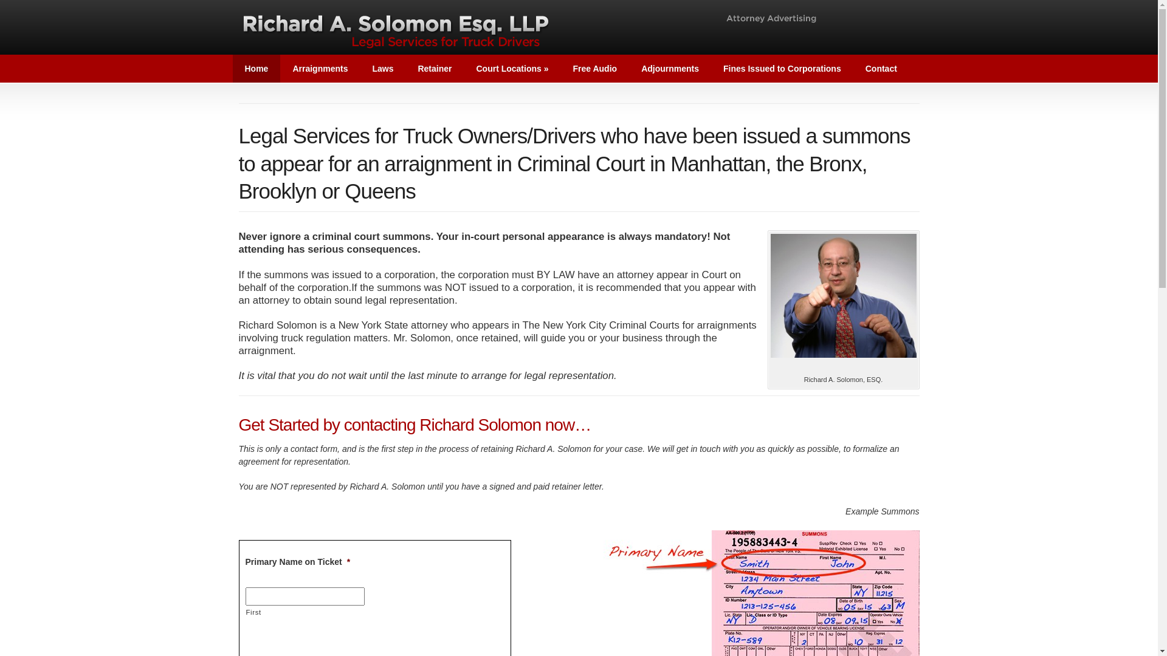  What do you see at coordinates (382, 68) in the screenshot?
I see `'Laws'` at bounding box center [382, 68].